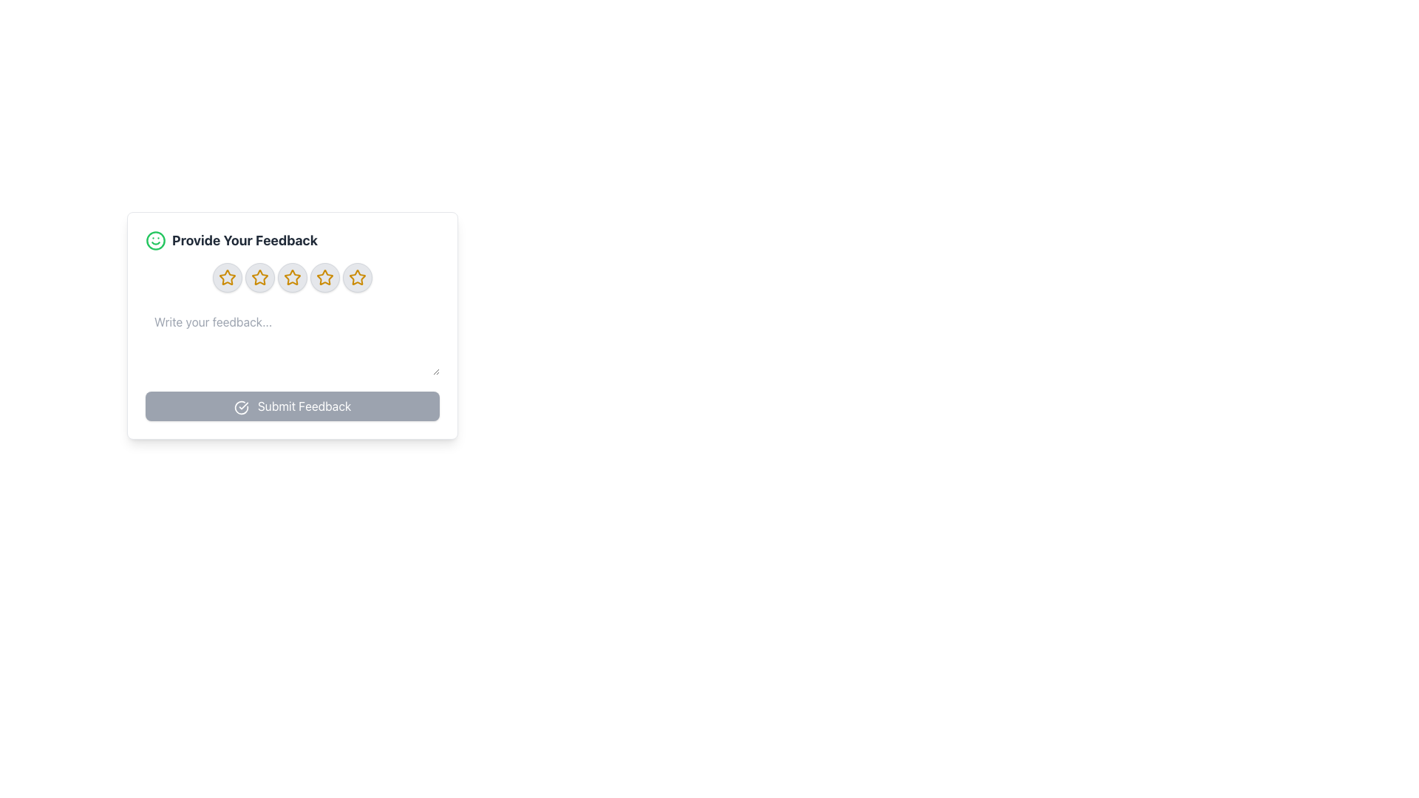 The image size is (1419, 798). I want to click on the decorative Icon representing positivity or satisfaction in the feedback form, located to the far left of the 'Provide Your Feedback' text, so click(156, 240).